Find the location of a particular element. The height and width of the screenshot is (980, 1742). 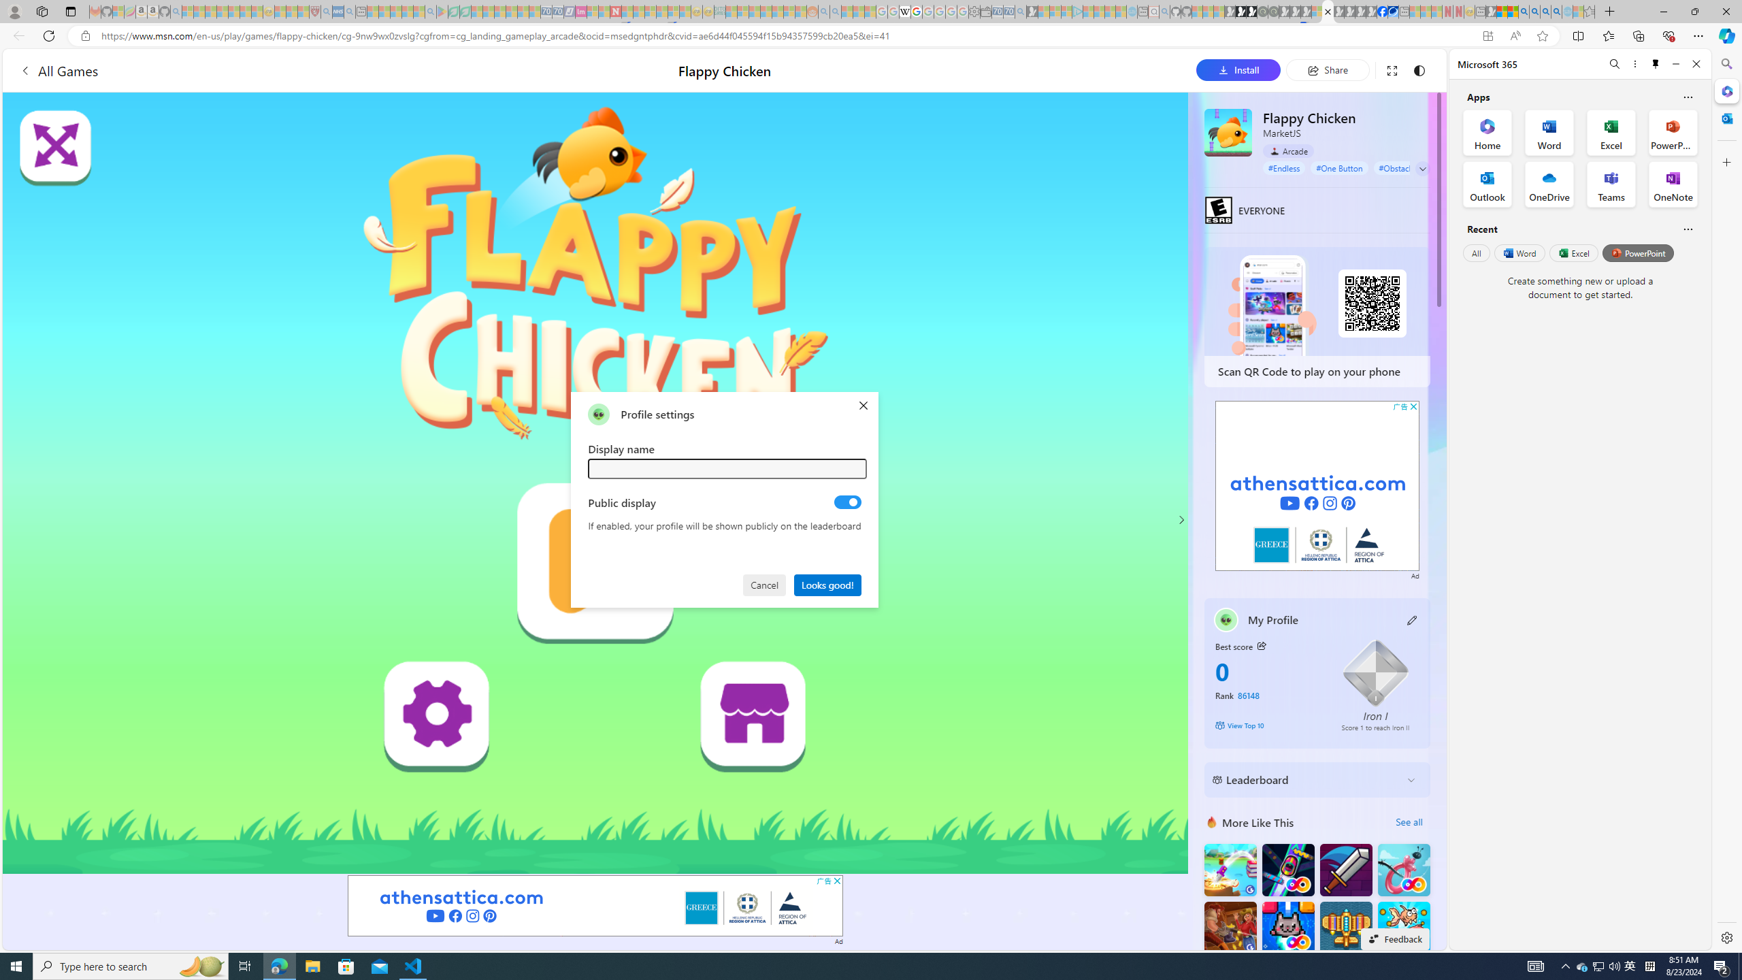

'Balloon FRVR' is located at coordinates (1403, 870).